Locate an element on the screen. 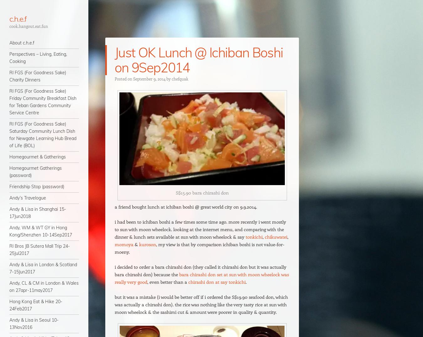  'Hong Kong Eat & Hike 20-24Feb2017' is located at coordinates (36, 305).